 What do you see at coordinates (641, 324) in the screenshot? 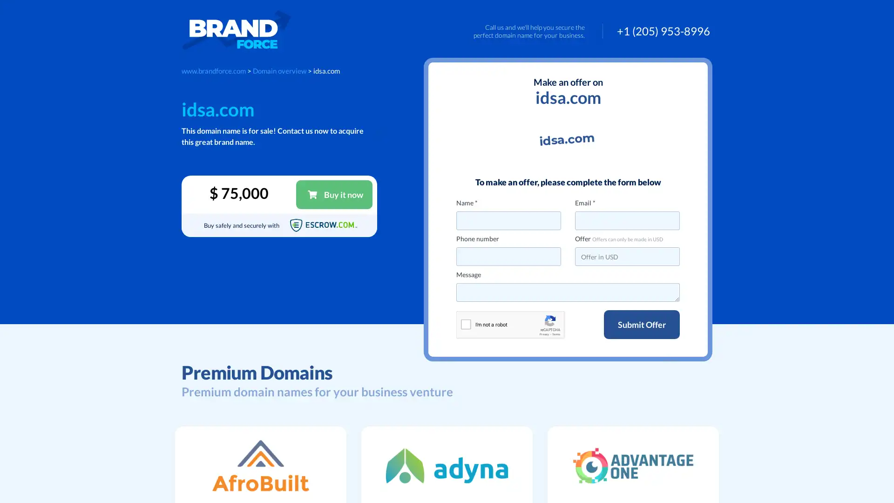
I see `Submit offer` at bounding box center [641, 324].